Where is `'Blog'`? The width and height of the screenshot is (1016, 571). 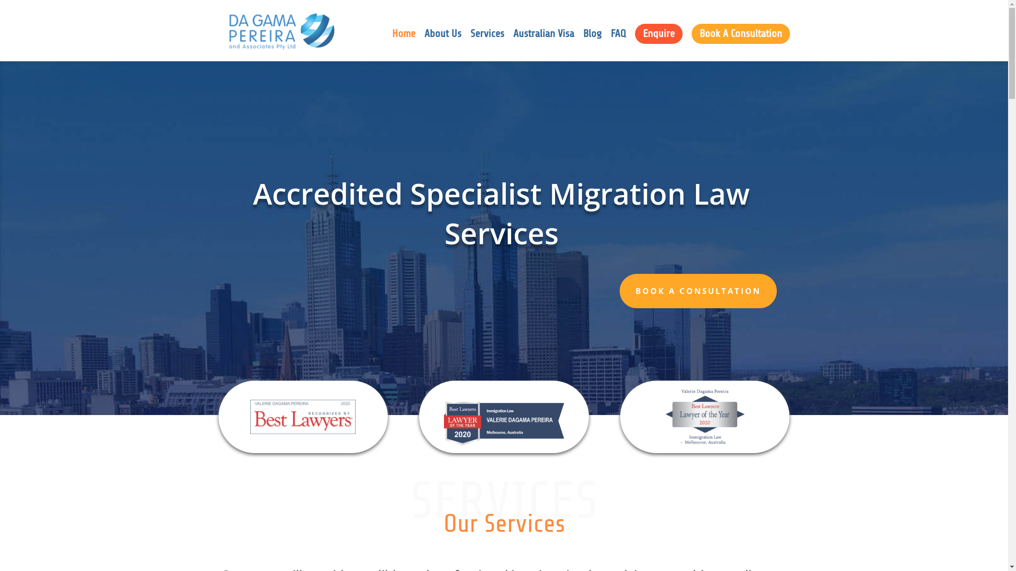 'Blog' is located at coordinates (592, 45).